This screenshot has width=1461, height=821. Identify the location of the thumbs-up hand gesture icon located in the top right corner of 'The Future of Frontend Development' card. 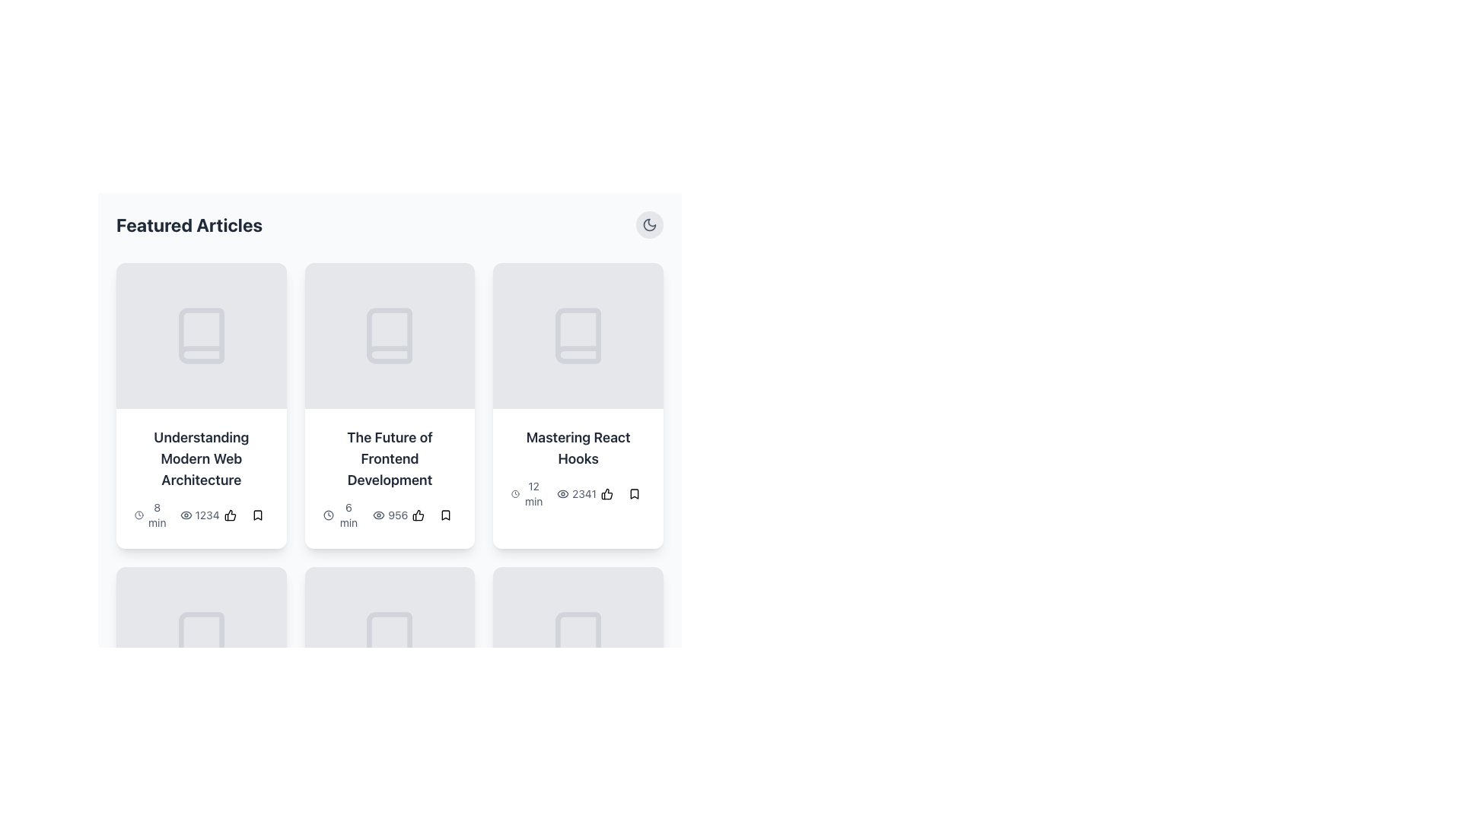
(419, 515).